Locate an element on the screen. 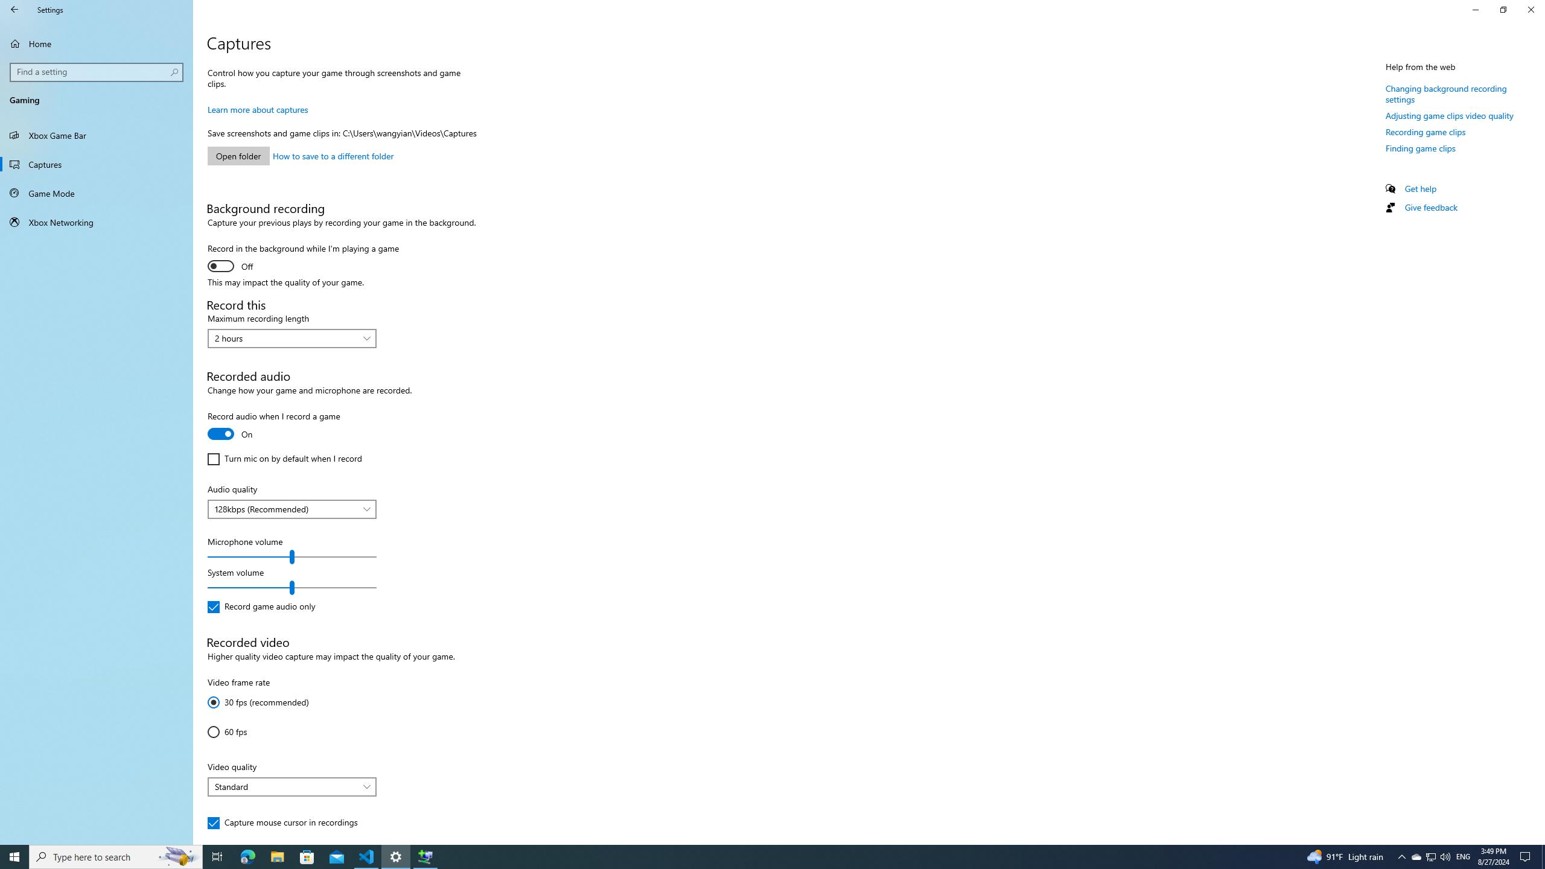 This screenshot has width=1545, height=869. 'Open folder' is located at coordinates (238, 155).